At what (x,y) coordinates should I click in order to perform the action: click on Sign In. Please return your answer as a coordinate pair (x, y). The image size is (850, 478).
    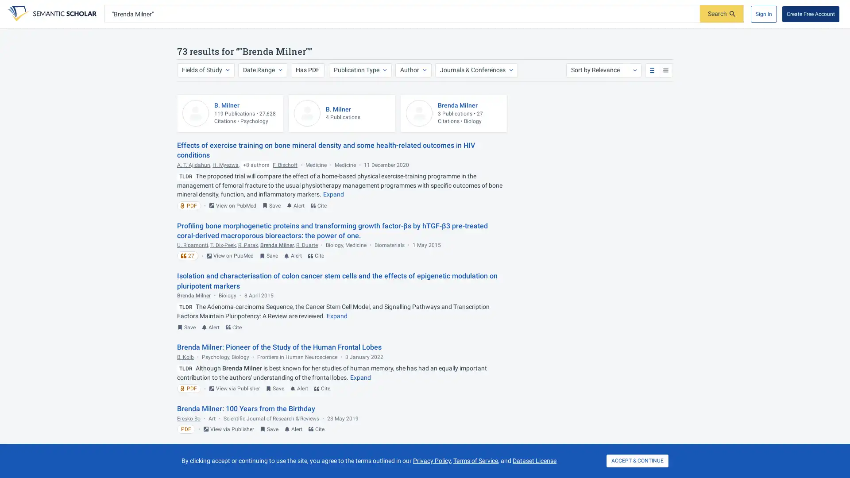
    Looking at the image, I should click on (763, 14).